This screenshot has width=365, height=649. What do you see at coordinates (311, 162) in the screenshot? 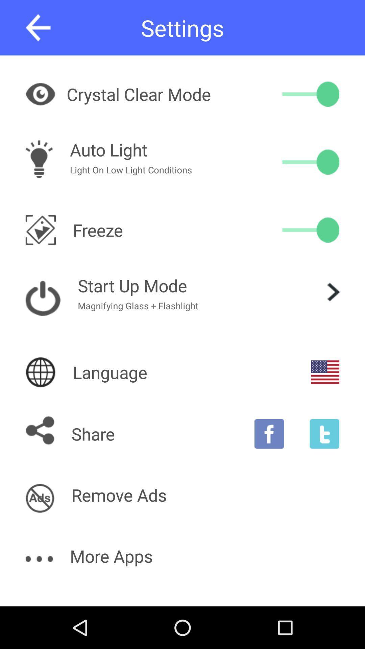
I see `autoplay light option` at bounding box center [311, 162].